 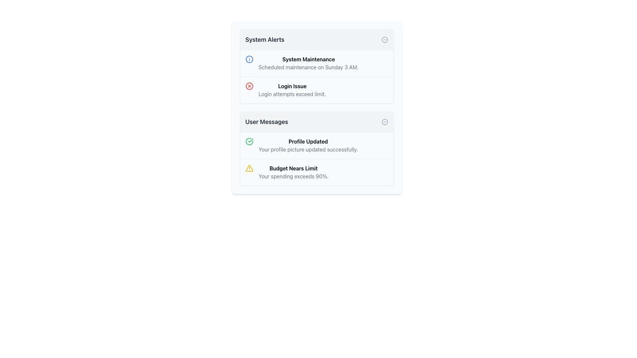 What do you see at coordinates (385, 122) in the screenshot?
I see `the circular icon button with a minus sign in the 'User Messages' section` at bounding box center [385, 122].